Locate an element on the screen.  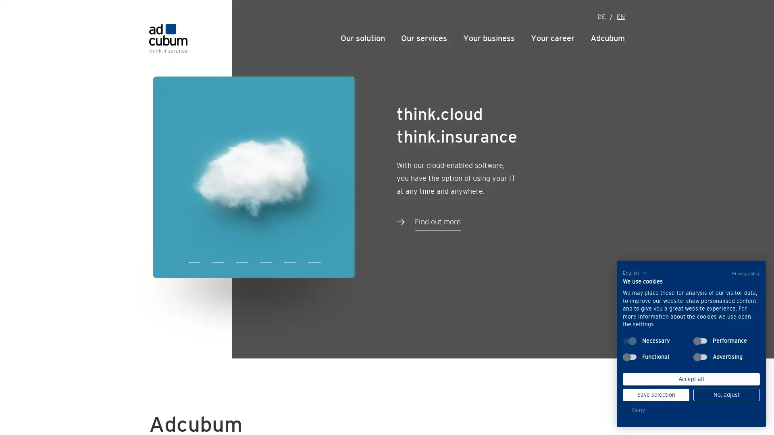
Deny is located at coordinates (638, 410).